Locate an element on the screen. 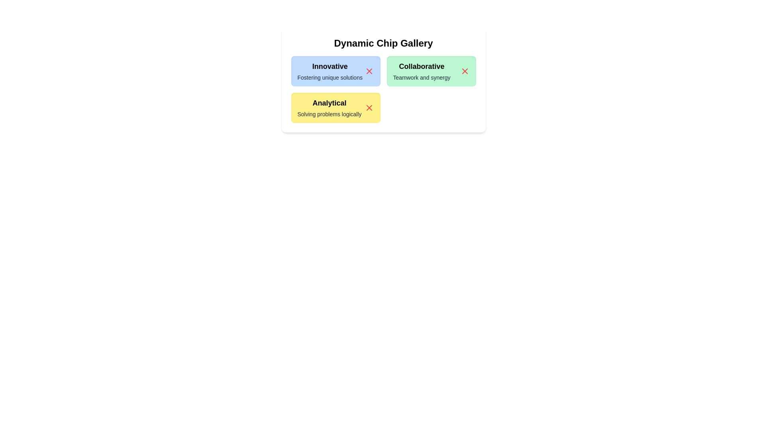 The width and height of the screenshot is (765, 430). the title text of the chip labeled Collaborative is located at coordinates (421, 66).